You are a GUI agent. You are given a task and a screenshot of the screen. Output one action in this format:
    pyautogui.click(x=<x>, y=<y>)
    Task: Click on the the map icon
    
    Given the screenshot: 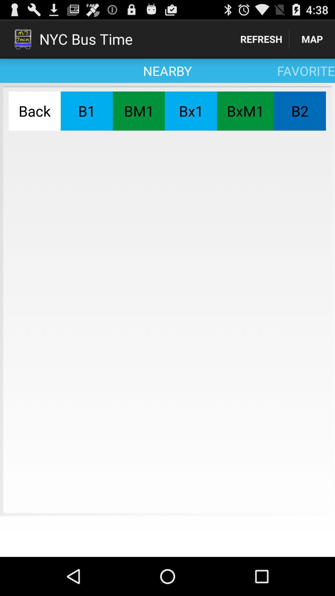 What is the action you would take?
    pyautogui.click(x=312, y=38)
    